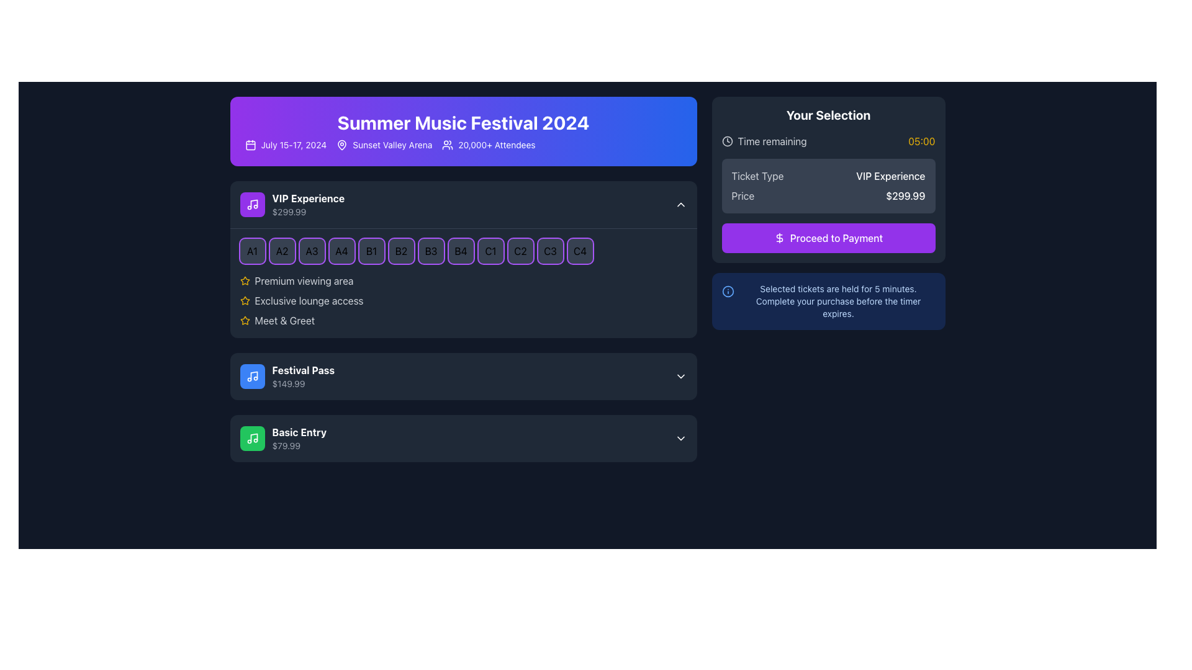 The height and width of the screenshot is (670, 1192). What do you see at coordinates (299, 432) in the screenshot?
I see `the bold text label reading 'Basic Entry' in the ticket pricing section, located at the top of the card for this ticket option` at bounding box center [299, 432].